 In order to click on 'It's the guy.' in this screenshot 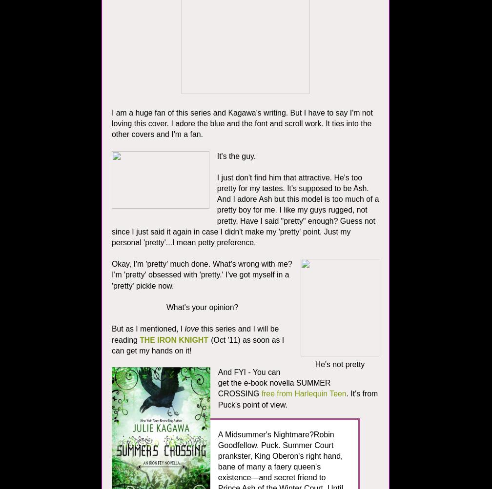, I will do `click(237, 155)`.